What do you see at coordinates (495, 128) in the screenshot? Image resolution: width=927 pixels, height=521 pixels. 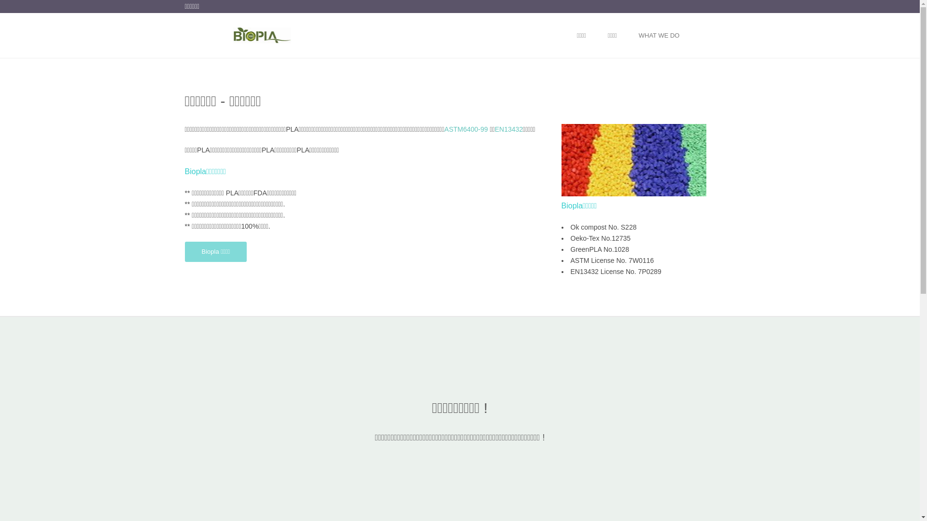 I see `'EN13432'` at bounding box center [495, 128].